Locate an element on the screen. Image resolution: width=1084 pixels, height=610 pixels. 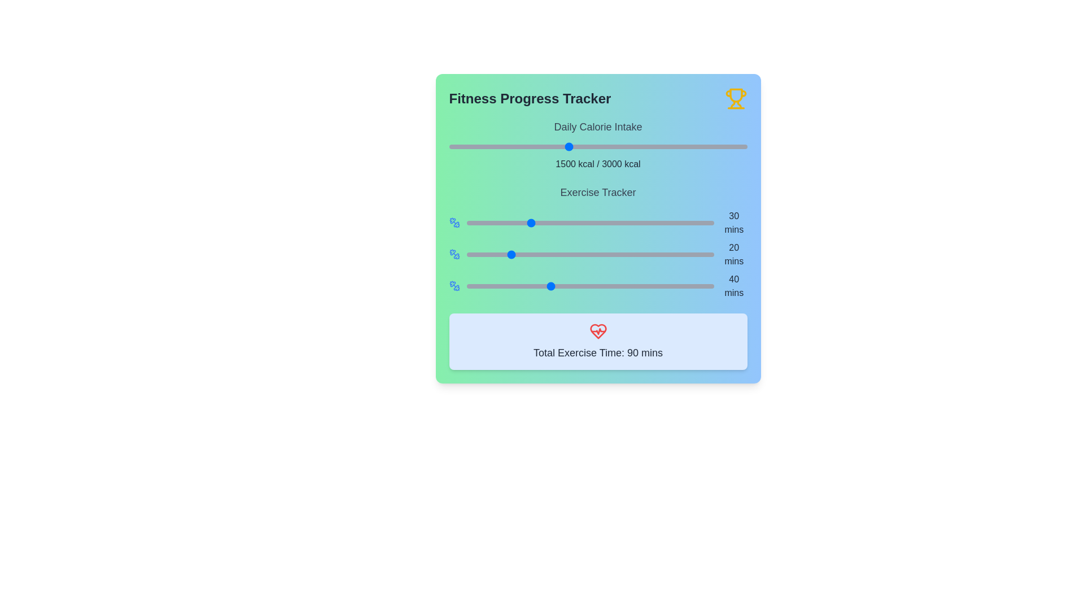
daily calorie intake is located at coordinates (746, 146).